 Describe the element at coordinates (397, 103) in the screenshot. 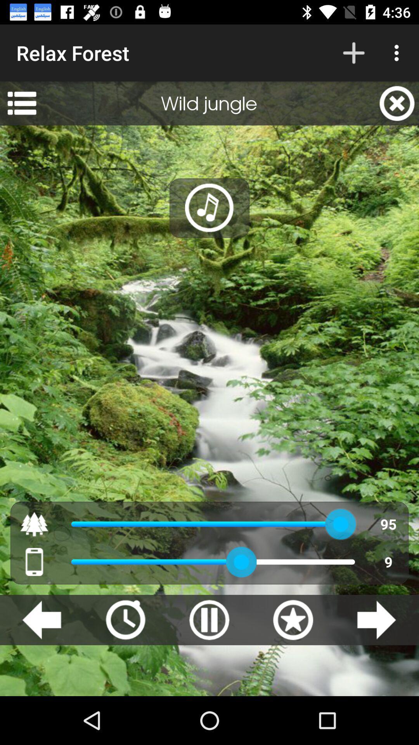

I see `icon next to the wild jungle app` at that location.